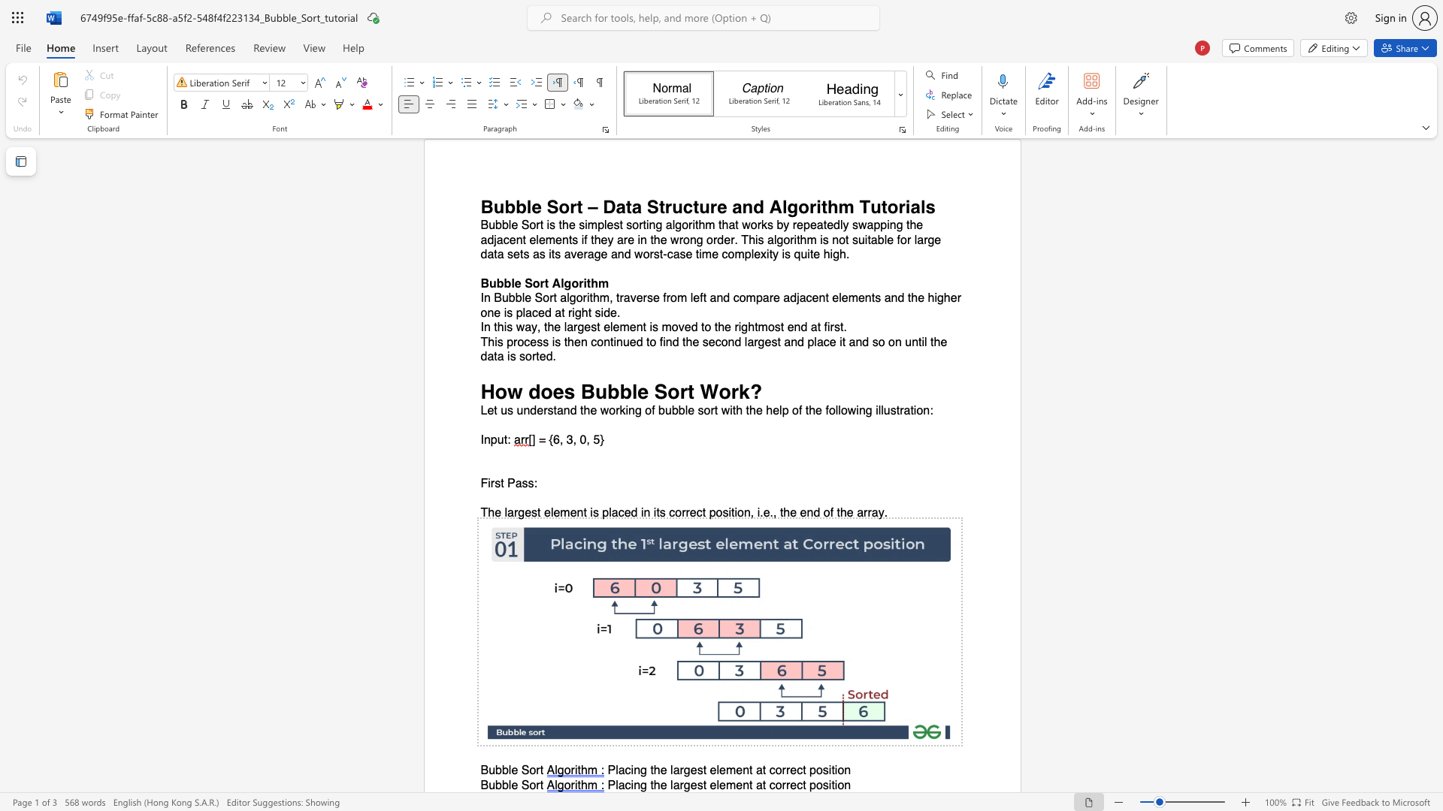  I want to click on the 1th character "r" in the text, so click(537, 784).